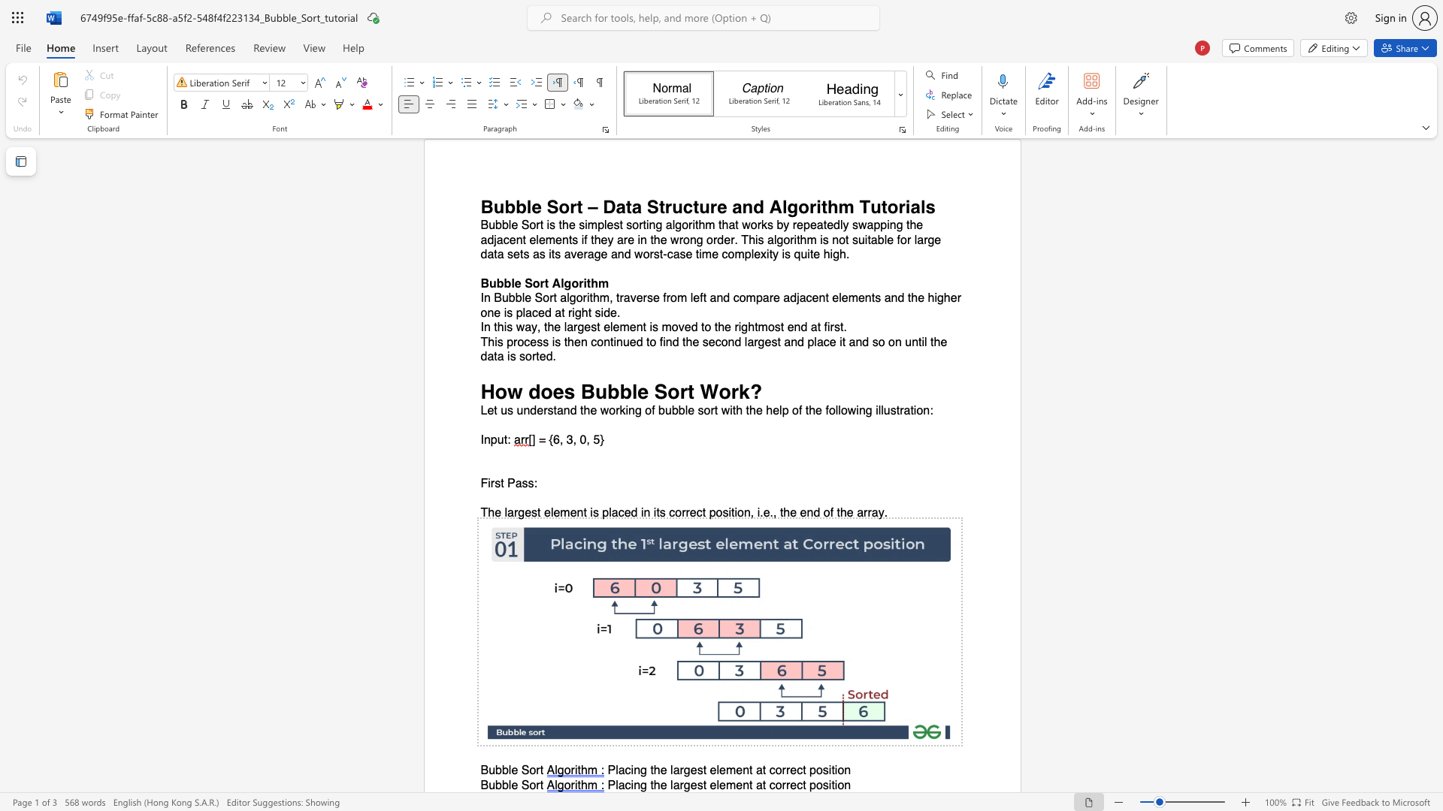  I want to click on the 1th character "r" in the text, so click(537, 784).